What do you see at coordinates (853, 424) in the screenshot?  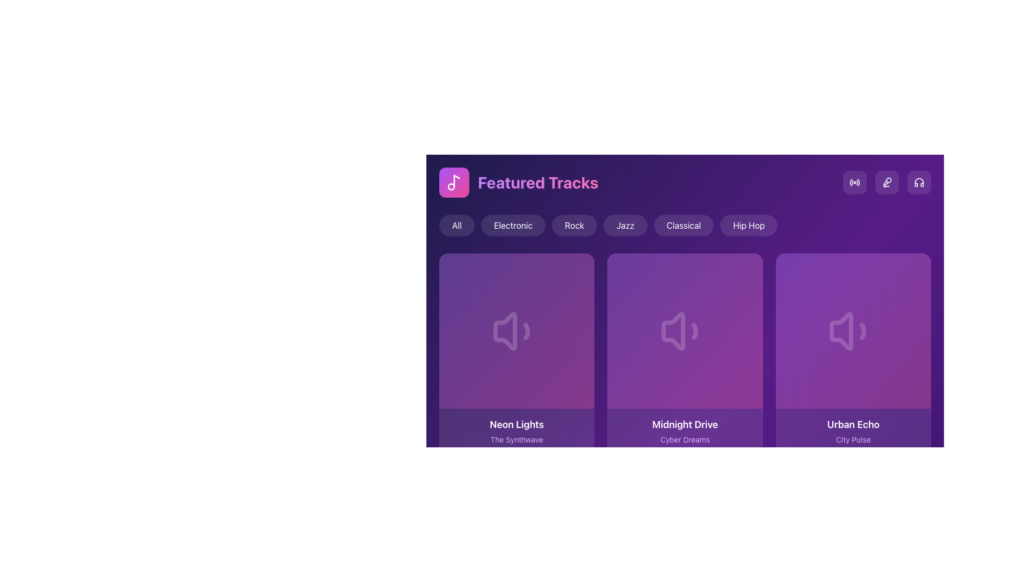 I see `the text label indicating the music track, located at the bottom of the last card in a row of three, above the text 'City Pulse'` at bounding box center [853, 424].